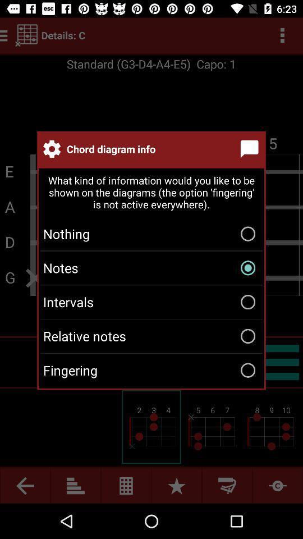 Image resolution: width=303 pixels, height=539 pixels. I want to click on nothing item, so click(151, 233).